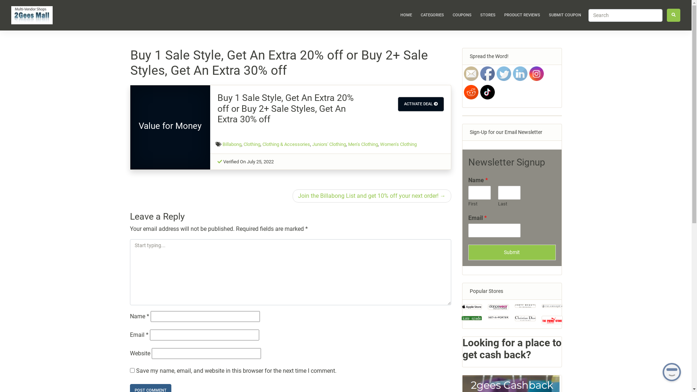 The image size is (697, 392). I want to click on 'SUBMIT COUPON', so click(564, 15).